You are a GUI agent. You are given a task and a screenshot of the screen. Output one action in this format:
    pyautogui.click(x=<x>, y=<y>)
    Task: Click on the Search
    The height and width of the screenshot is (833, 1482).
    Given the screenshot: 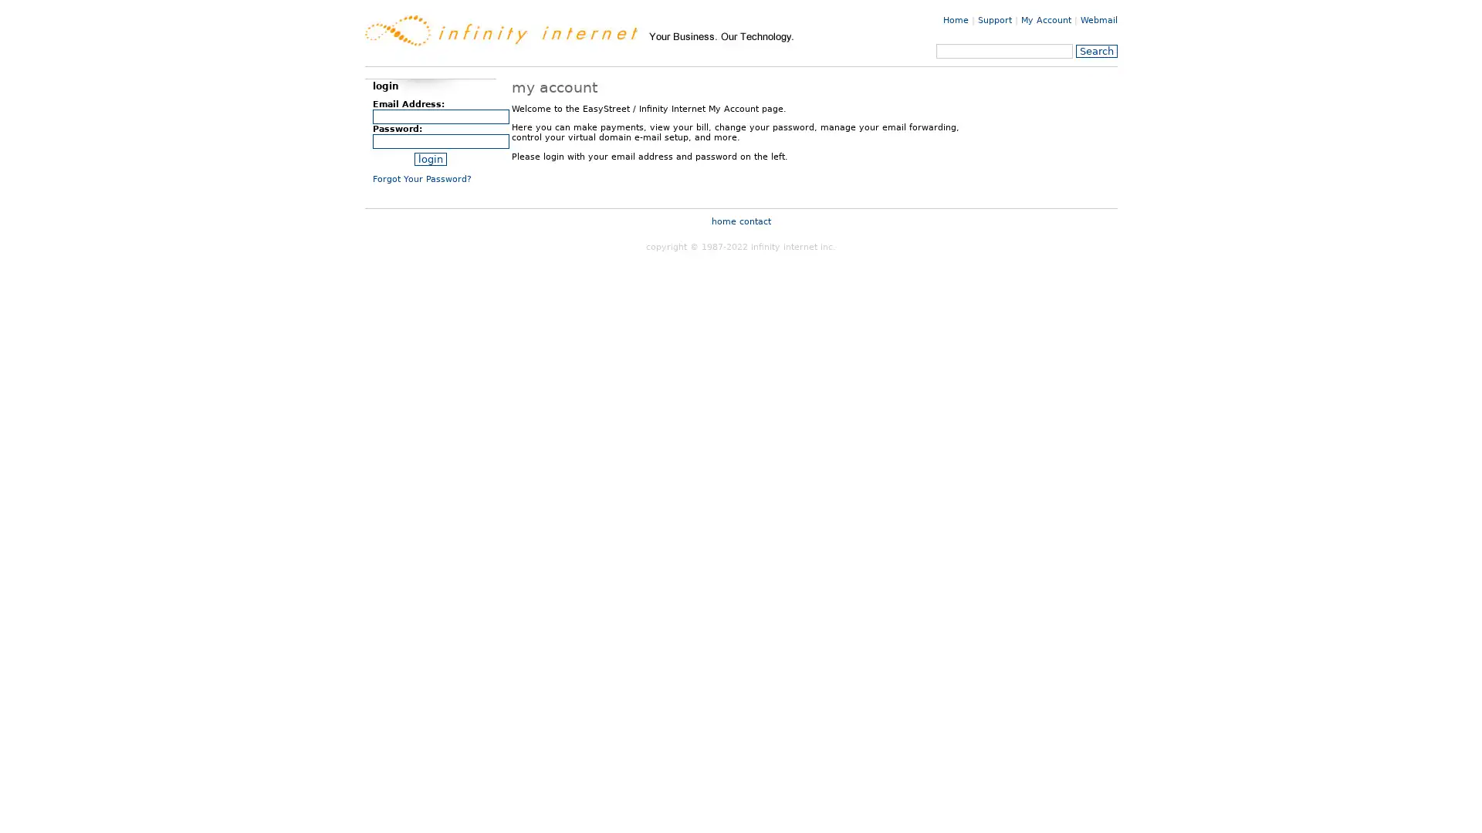 What is the action you would take?
    pyautogui.click(x=1095, y=50)
    